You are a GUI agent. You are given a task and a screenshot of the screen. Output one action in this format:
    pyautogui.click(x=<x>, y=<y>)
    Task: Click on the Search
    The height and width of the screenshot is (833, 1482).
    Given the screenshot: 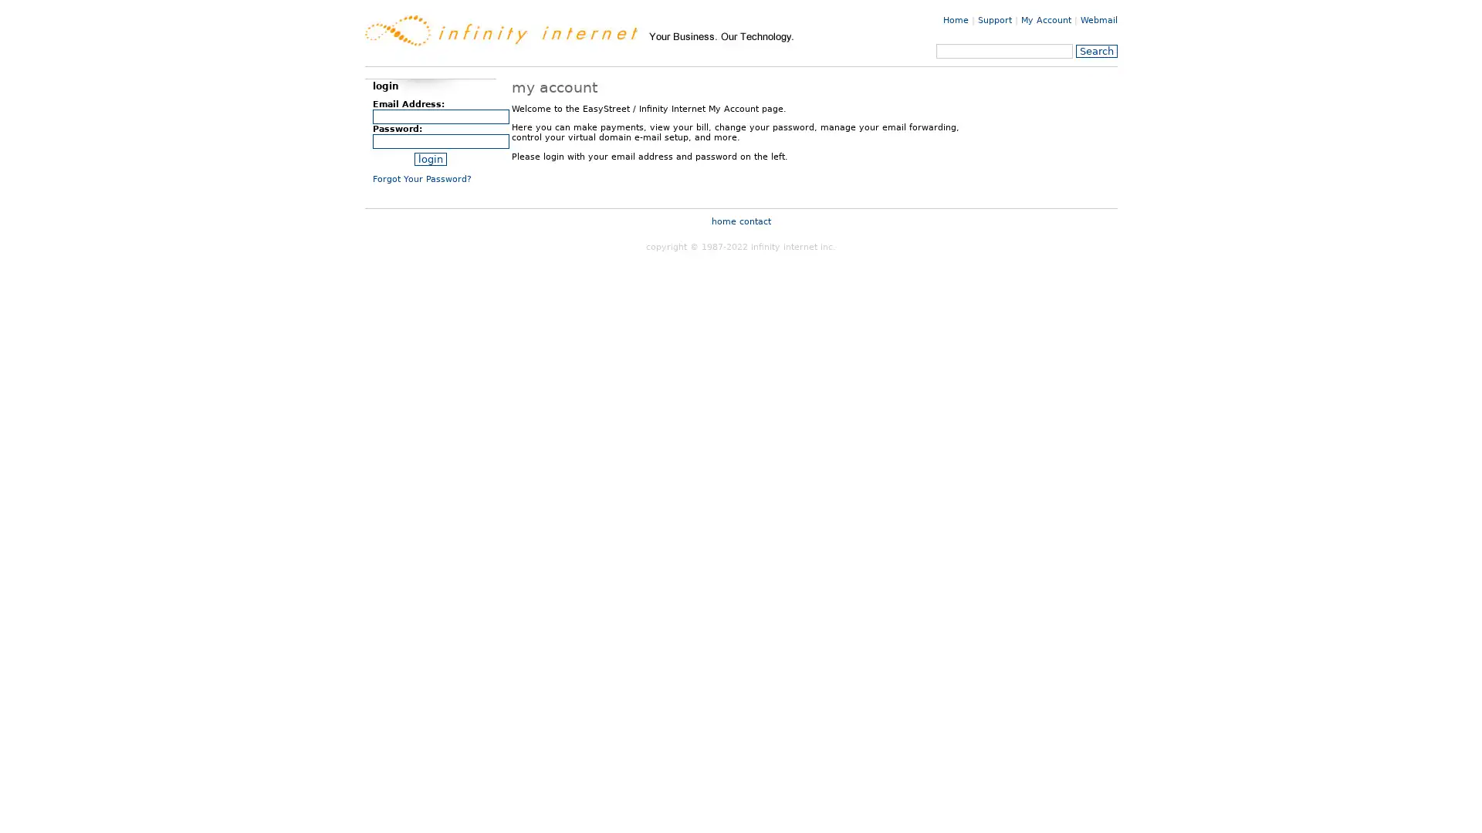 What is the action you would take?
    pyautogui.click(x=1095, y=50)
    